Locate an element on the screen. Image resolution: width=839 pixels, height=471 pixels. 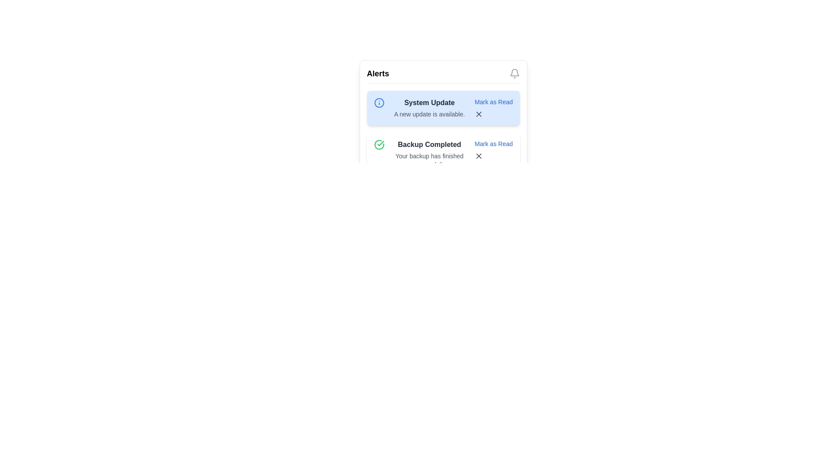
the green checkmark icon within the 'Backup Completed' notification card, located on the left side of the card, aligned with the title text is located at coordinates (380, 143).